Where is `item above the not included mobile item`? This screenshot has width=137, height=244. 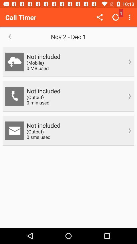
item above the not included mobile item is located at coordinates (68, 36).